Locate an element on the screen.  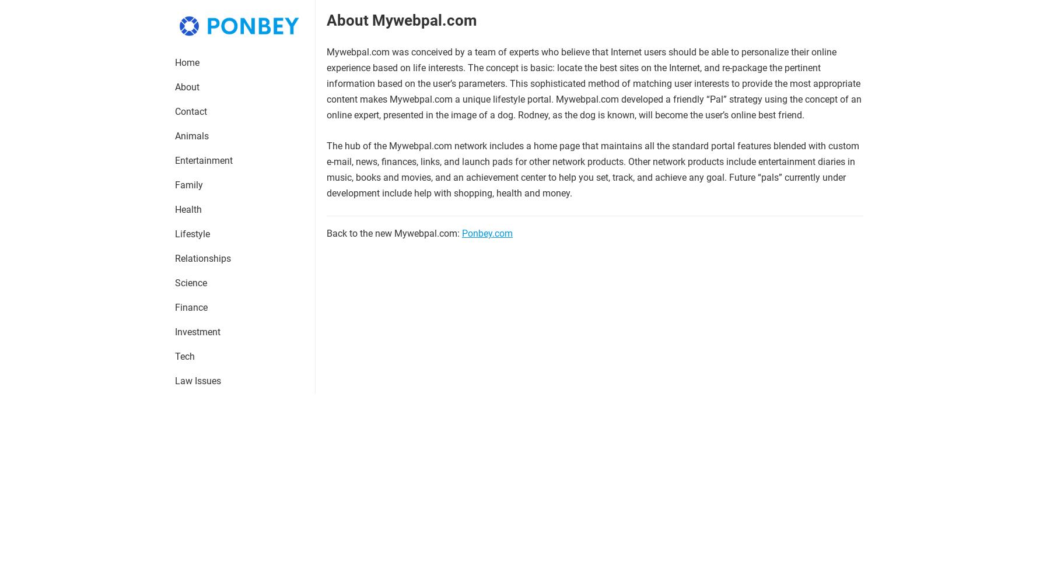
'About' is located at coordinates (186, 86).